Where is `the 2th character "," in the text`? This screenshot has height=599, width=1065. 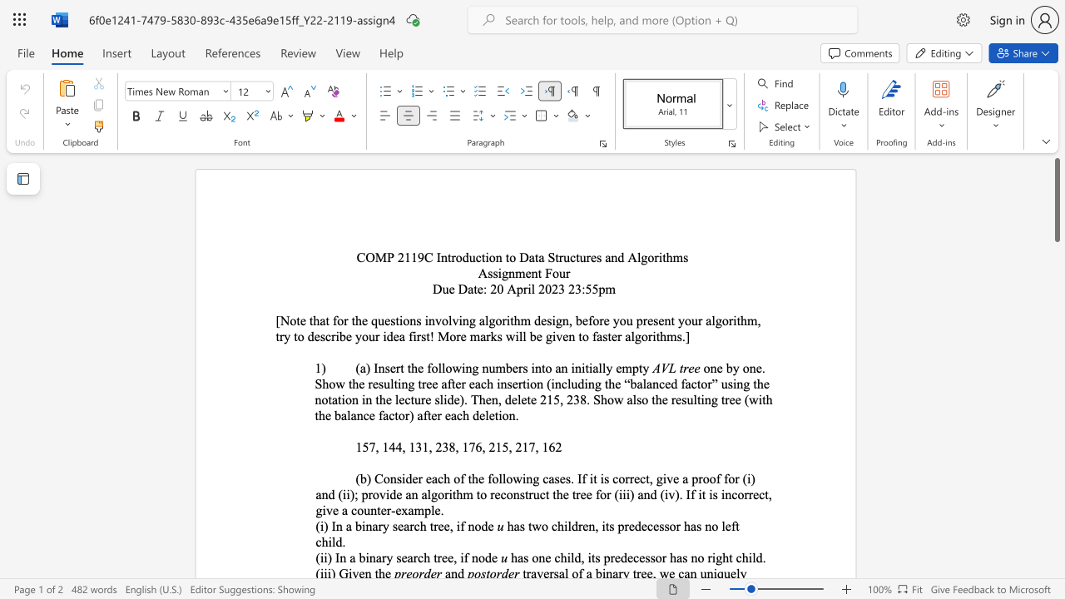 the 2th character "," in the text is located at coordinates (769, 493).